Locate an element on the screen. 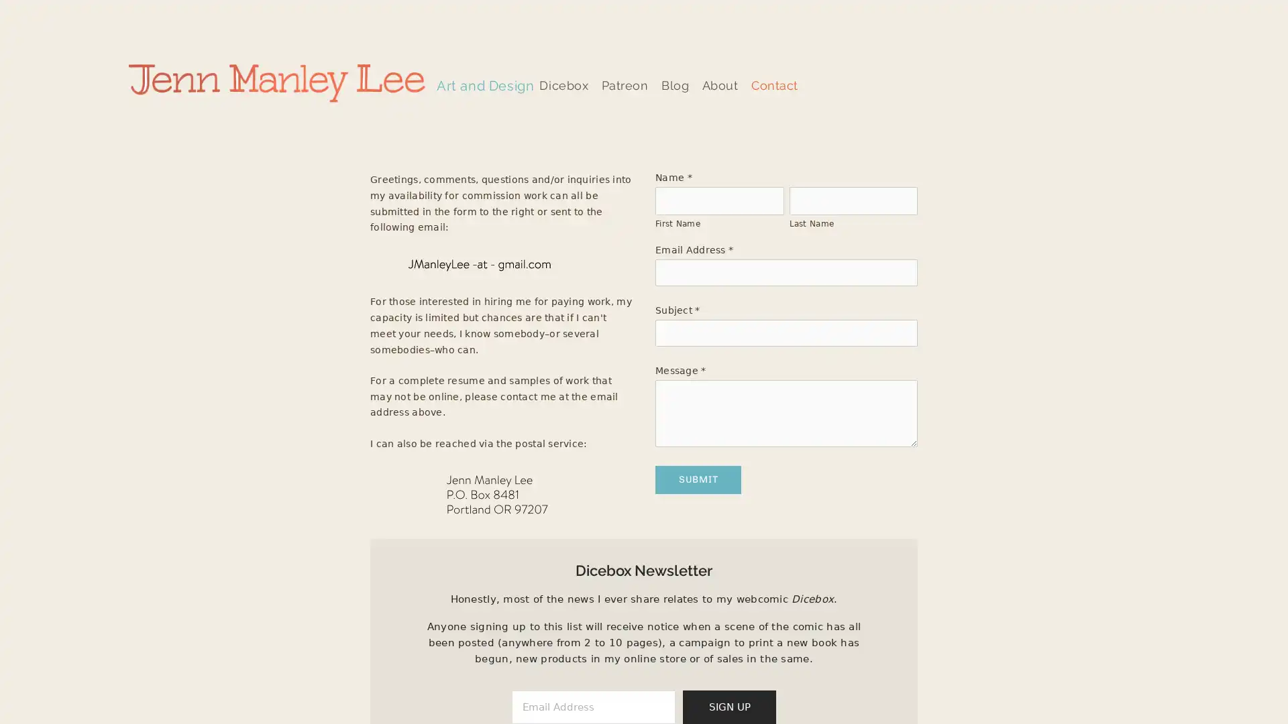  SIGN UP is located at coordinates (729, 705).